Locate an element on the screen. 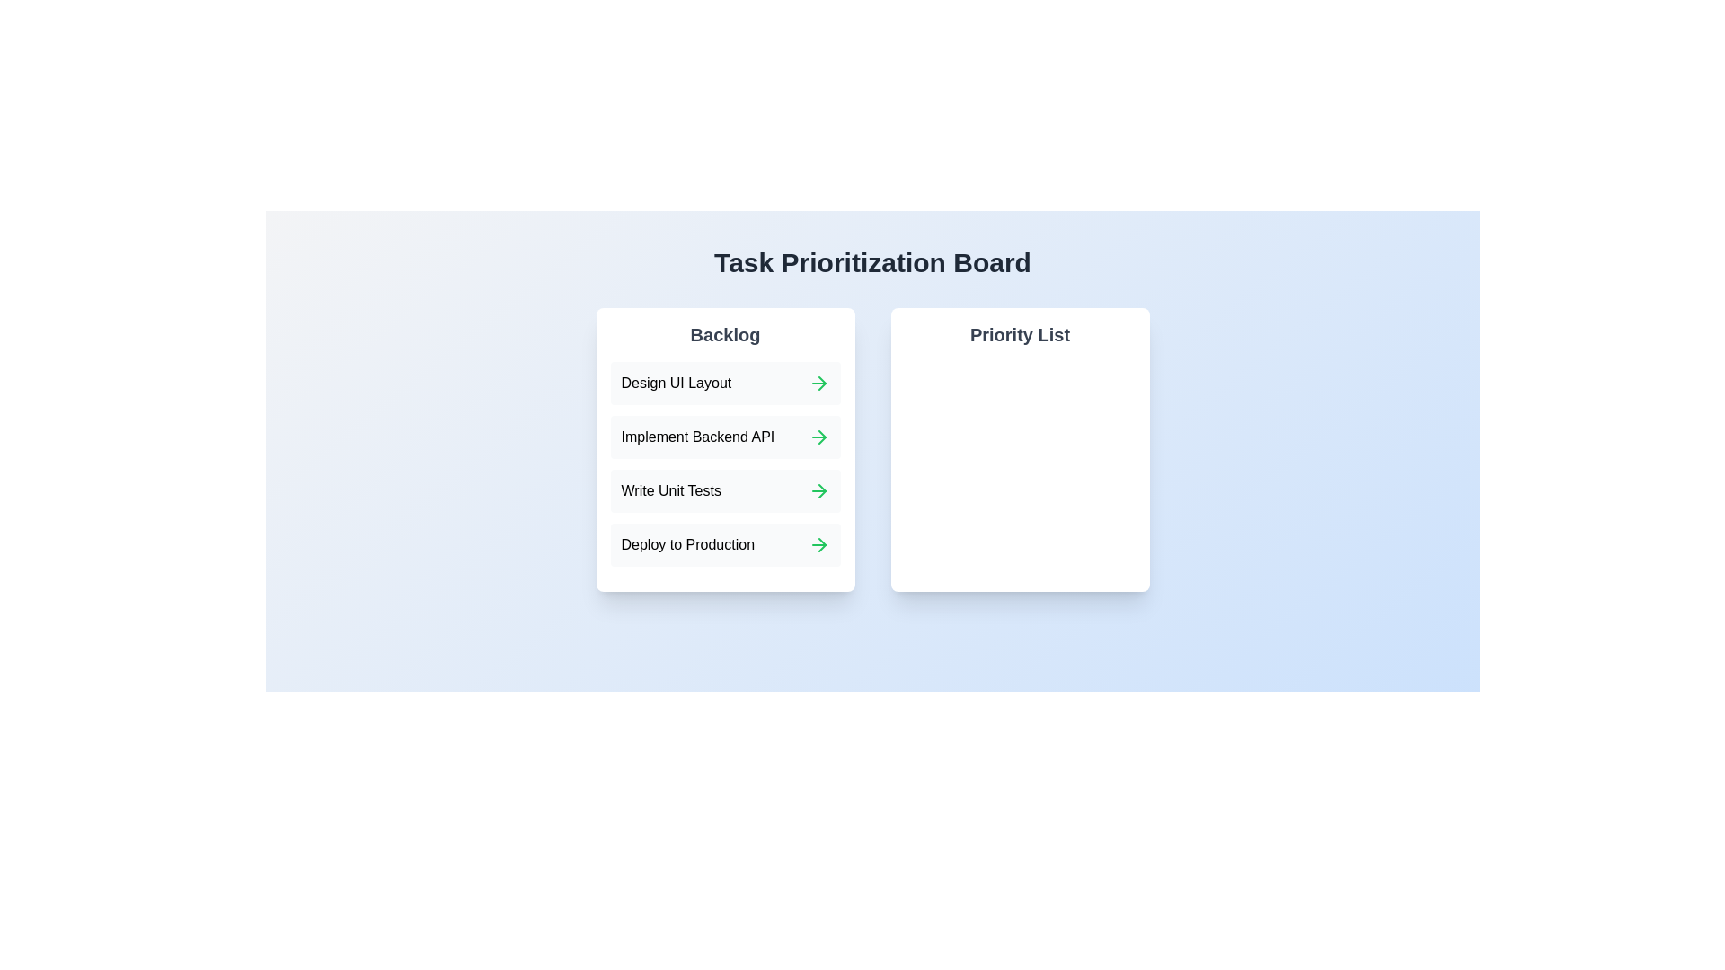  the task 'Deploy to Production' in the Backlog section is located at coordinates (675, 543).